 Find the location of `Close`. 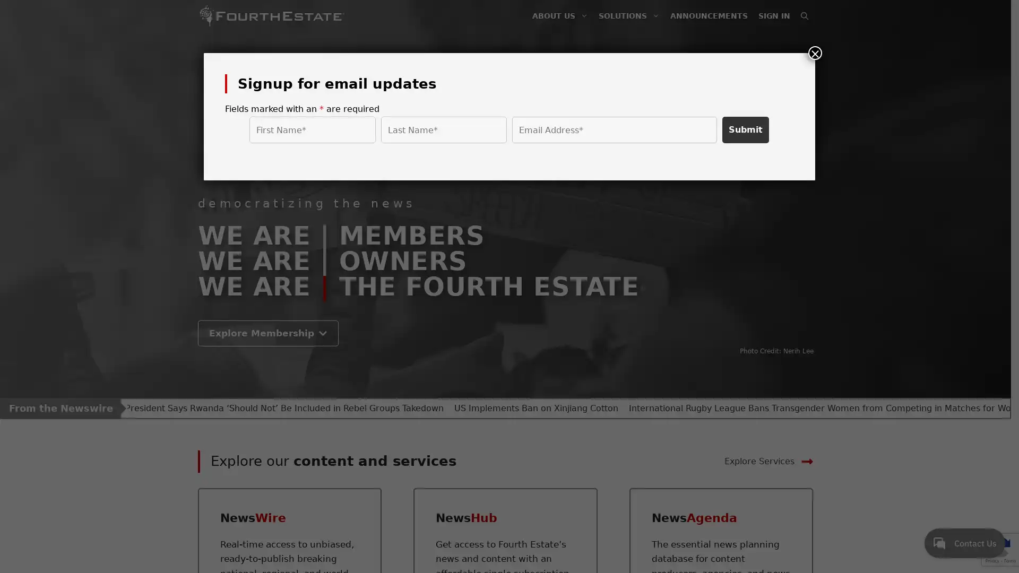

Close is located at coordinates (815, 53).